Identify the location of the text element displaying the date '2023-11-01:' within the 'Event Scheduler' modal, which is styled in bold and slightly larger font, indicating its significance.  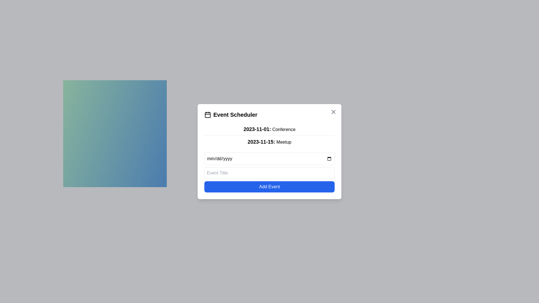
(257, 129).